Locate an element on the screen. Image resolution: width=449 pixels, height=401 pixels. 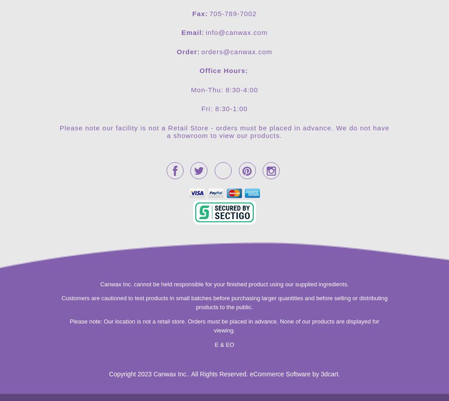
'Email:' is located at coordinates (181, 32).